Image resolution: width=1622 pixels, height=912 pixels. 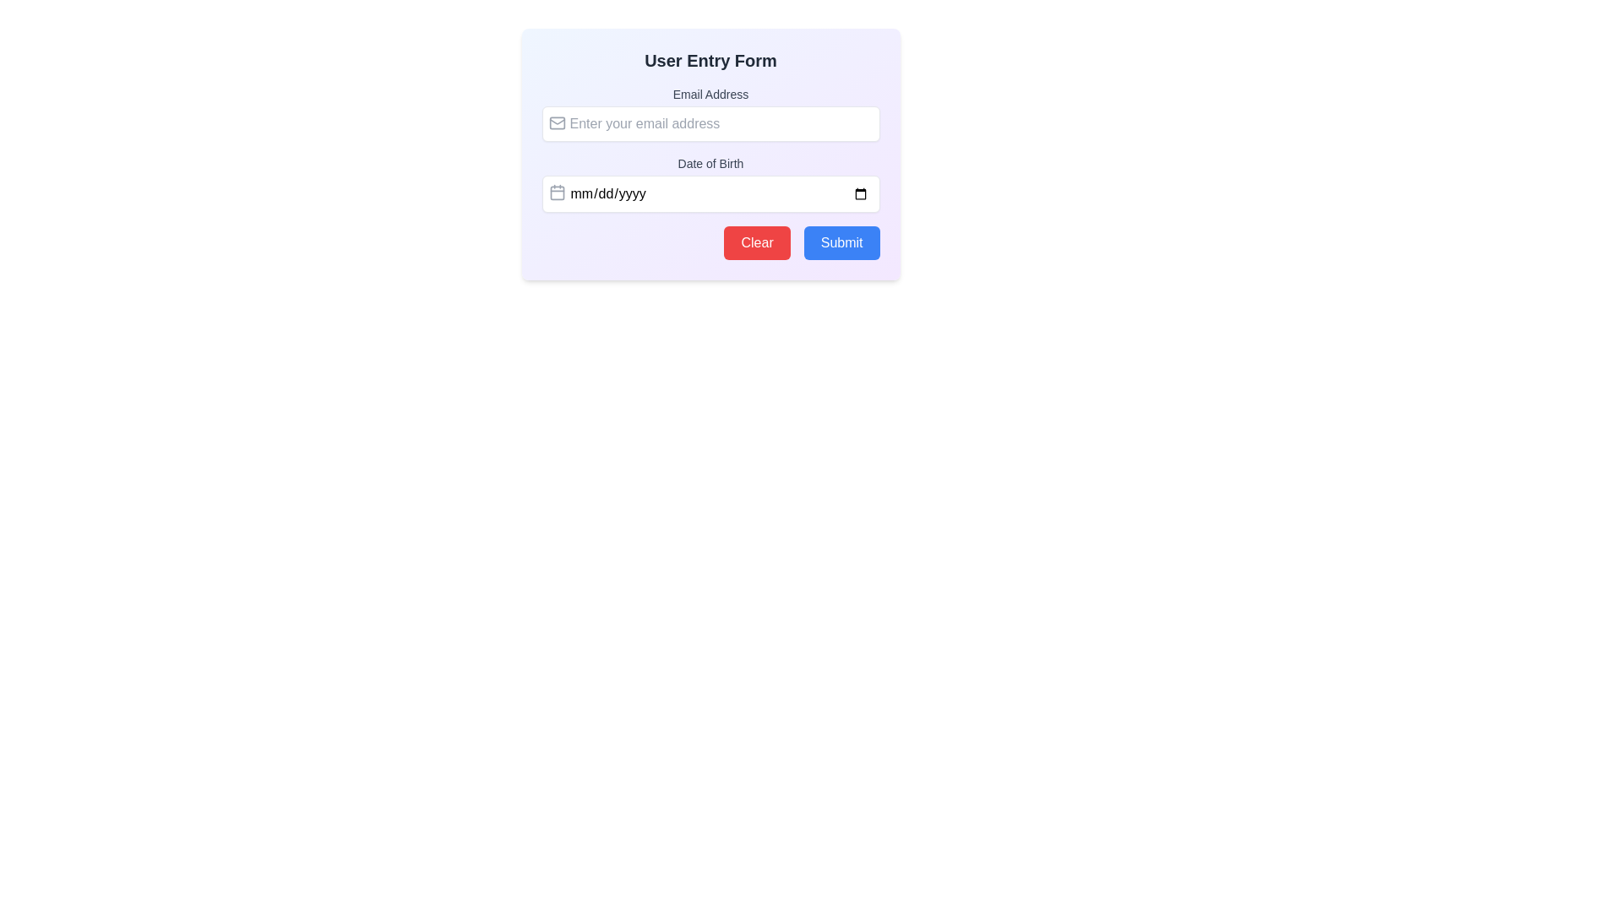 What do you see at coordinates (557, 122) in the screenshot?
I see `the envelope icon SVG shape that visually represents an email input field, located within the icon class of the email address input field` at bounding box center [557, 122].